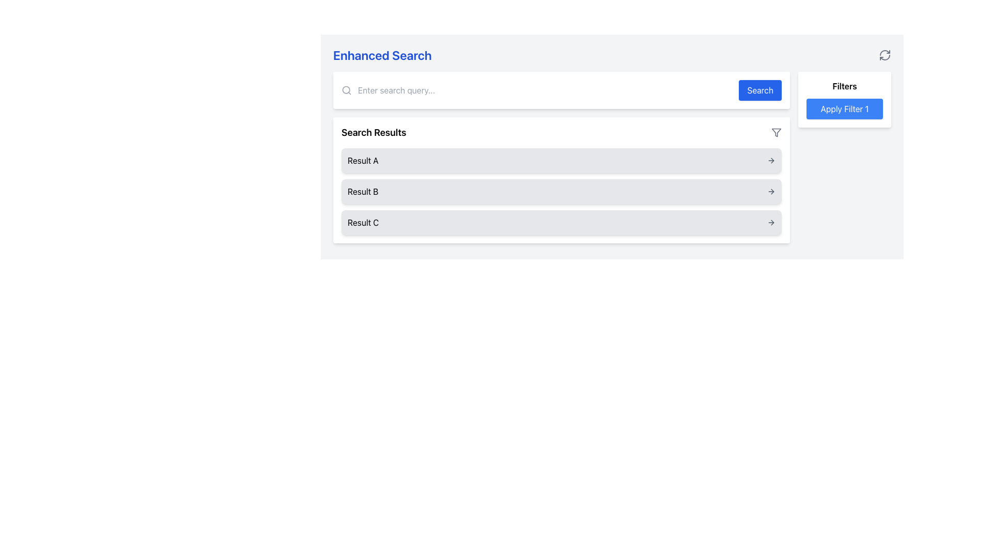  I want to click on the rightward-pointing arrow icon adjacent to the text 'Result C', so click(771, 222).